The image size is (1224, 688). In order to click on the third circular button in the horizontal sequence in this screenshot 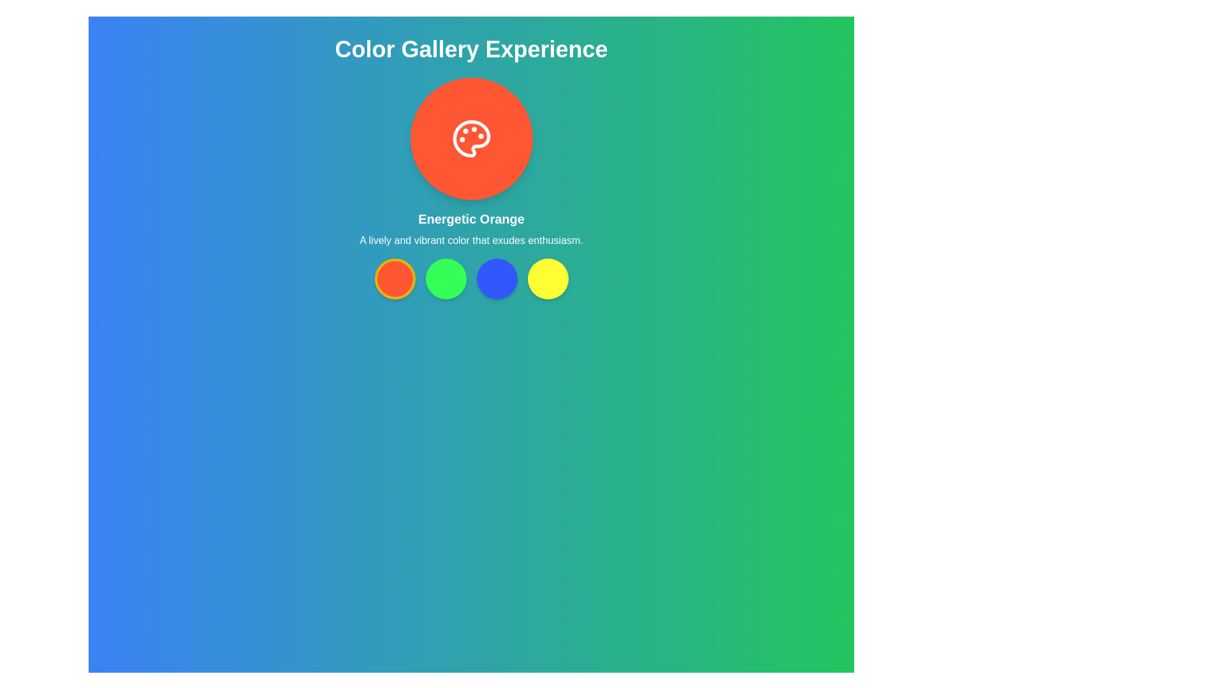, I will do `click(496, 278)`.